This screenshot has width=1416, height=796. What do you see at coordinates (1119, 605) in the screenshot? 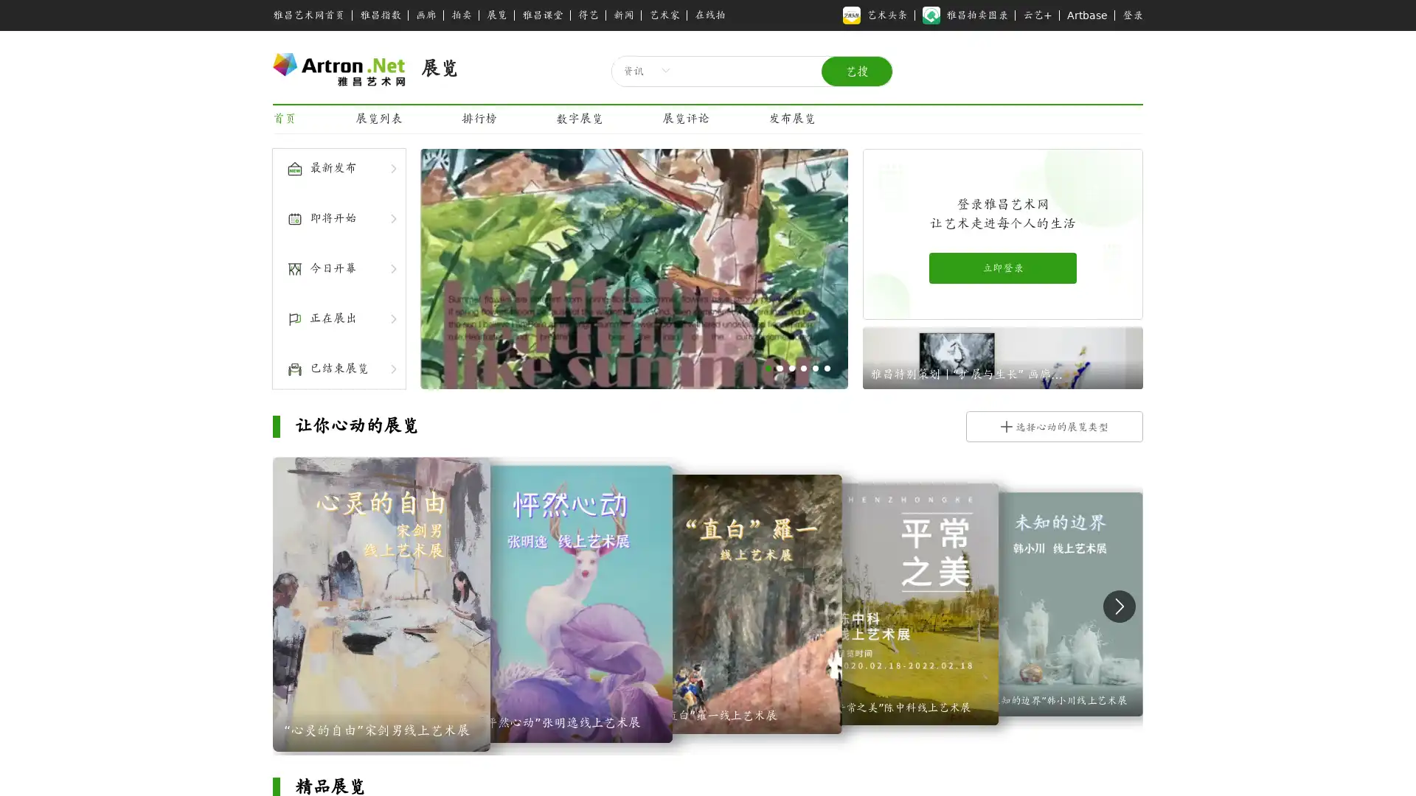
I see `Next slide` at bounding box center [1119, 605].